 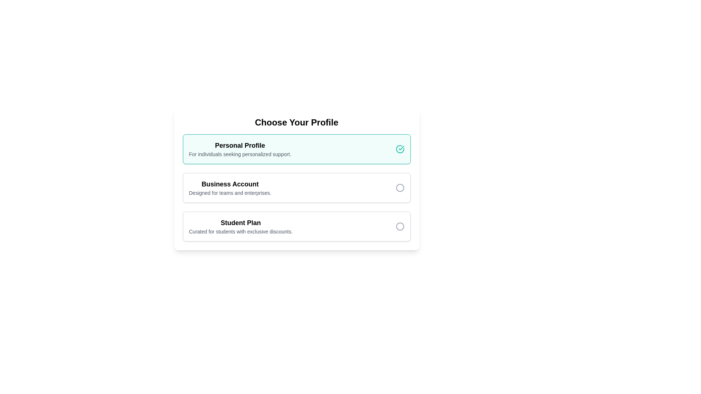 What do you see at coordinates (401, 148) in the screenshot?
I see `the 'Personal Profile' icon located within the top option of the options list under the 'Choose Your Profile' heading` at bounding box center [401, 148].